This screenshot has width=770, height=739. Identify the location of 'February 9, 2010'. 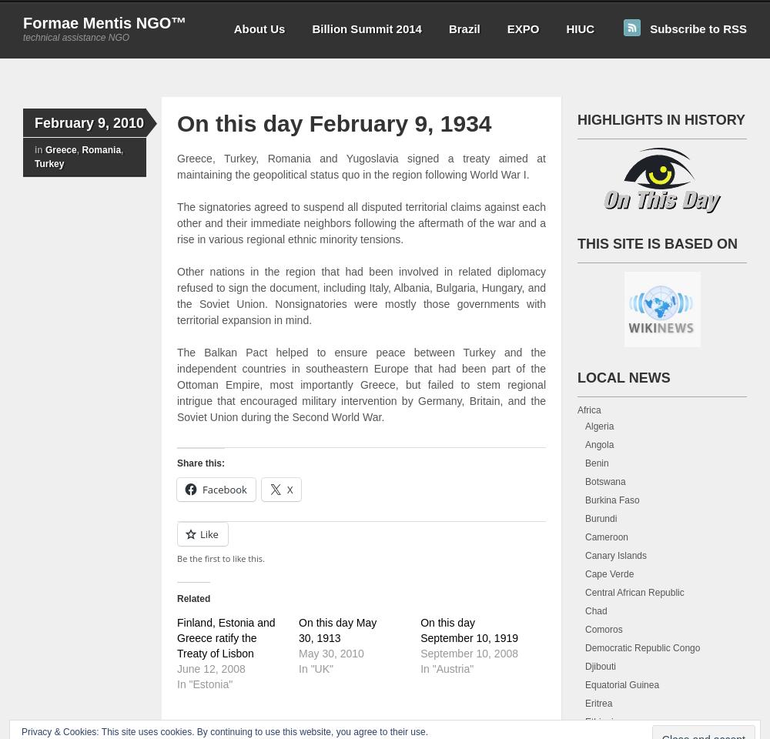
(89, 122).